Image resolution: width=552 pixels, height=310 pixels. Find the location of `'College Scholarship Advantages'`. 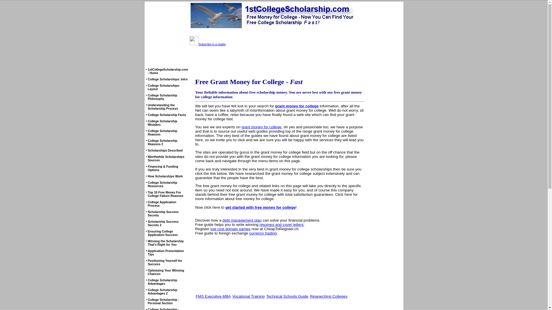

'College Scholarship Advantages' is located at coordinates (147, 282).